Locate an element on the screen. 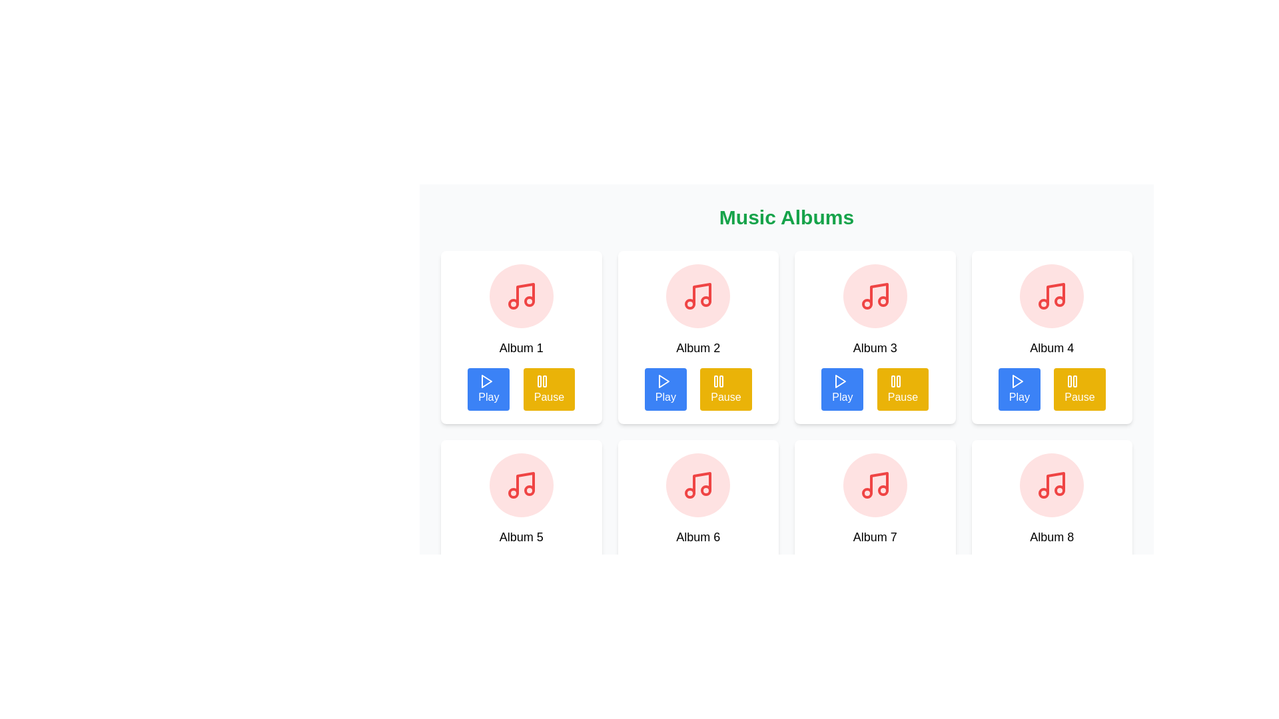 The width and height of the screenshot is (1279, 719). the 'Pause' button in the Button group located within the 'Album 4' content card is located at coordinates (1051, 389).